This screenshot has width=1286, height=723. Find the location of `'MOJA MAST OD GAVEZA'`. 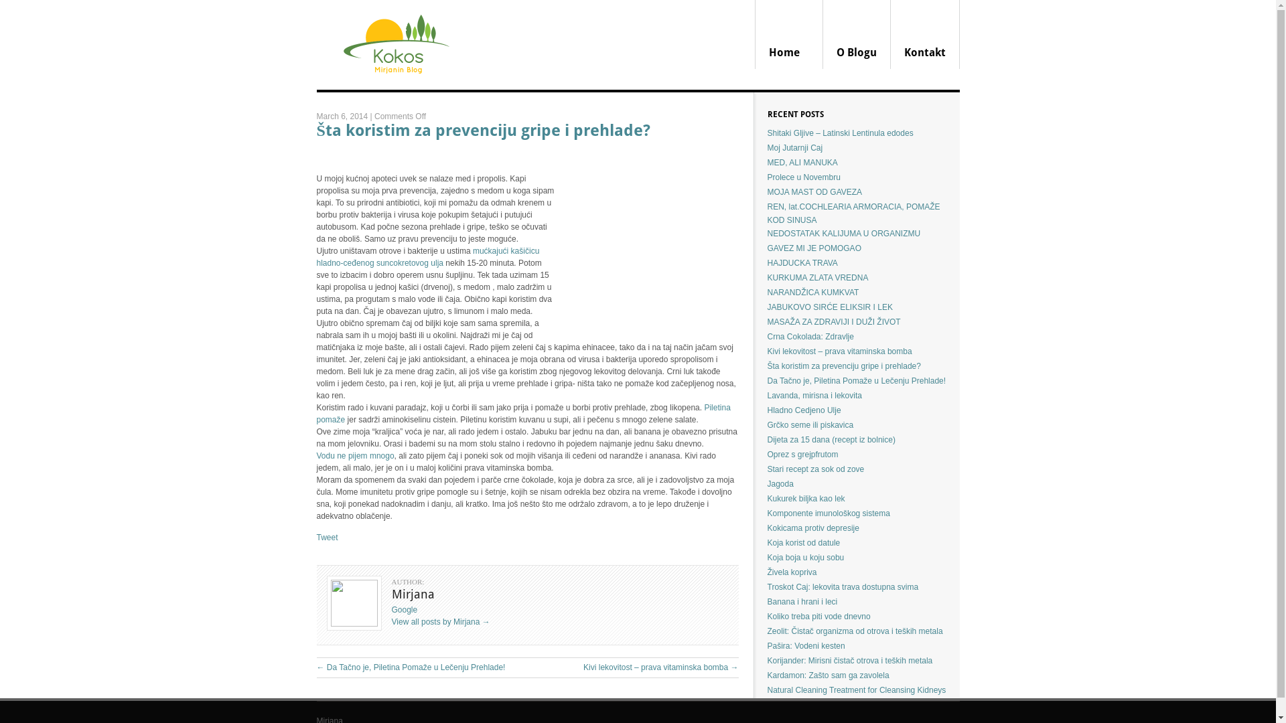

'MOJA MAST OD GAVEZA' is located at coordinates (814, 191).